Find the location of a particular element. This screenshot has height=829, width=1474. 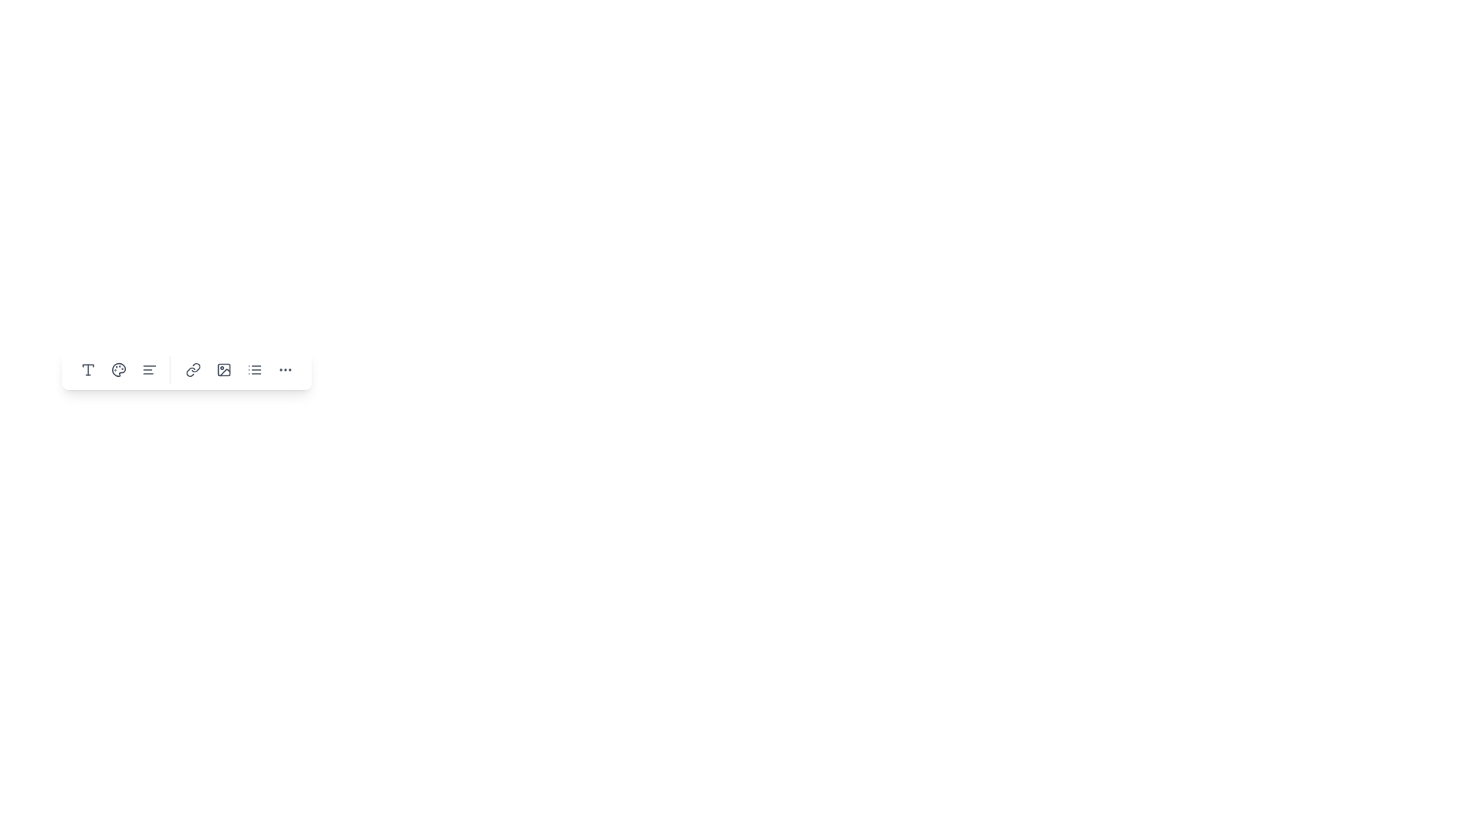

the gray 'T' icon button located in the top-left corner of the toolbar is located at coordinates (88, 370).